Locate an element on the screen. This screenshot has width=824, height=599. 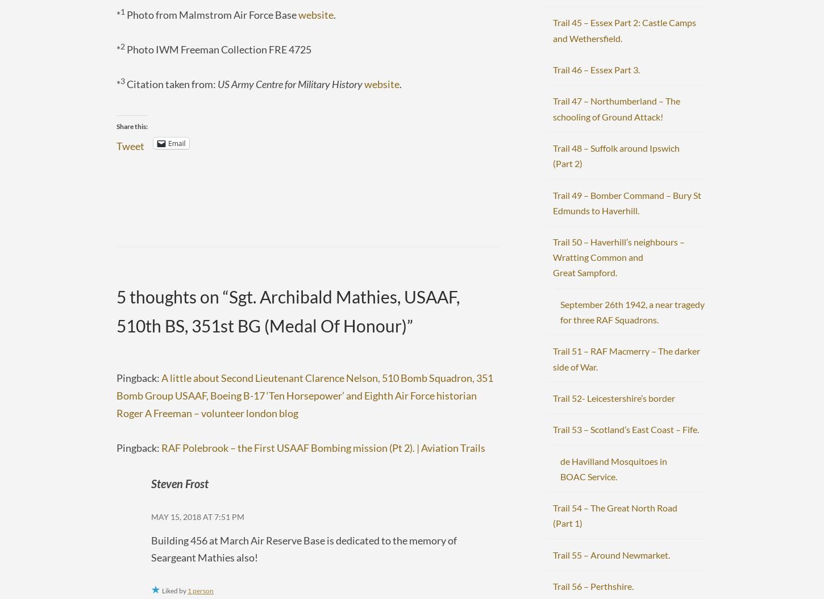
'Trail 56 – Perthshire.' is located at coordinates (592, 585).